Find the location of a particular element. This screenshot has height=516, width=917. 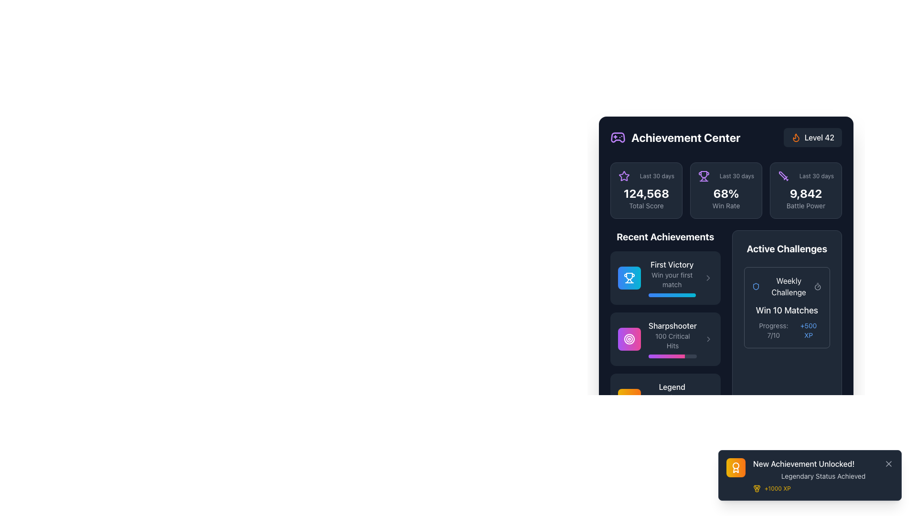

the purple gamepad icon located to the left of the 'Achievement Center' text in the upper-left section of the interface panel is located at coordinates (618, 138).